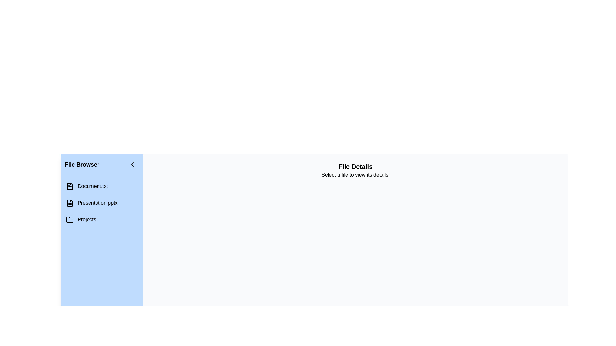  I want to click on the file icon representing the file type for 'Presentation.pptx' located in the second row of the file list in the file browser, so click(70, 203).